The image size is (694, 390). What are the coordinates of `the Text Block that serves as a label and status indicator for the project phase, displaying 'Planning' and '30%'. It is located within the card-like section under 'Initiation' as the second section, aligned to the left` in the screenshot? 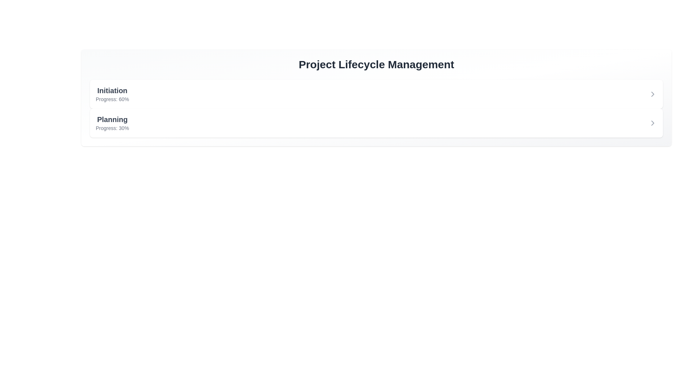 It's located at (112, 122).